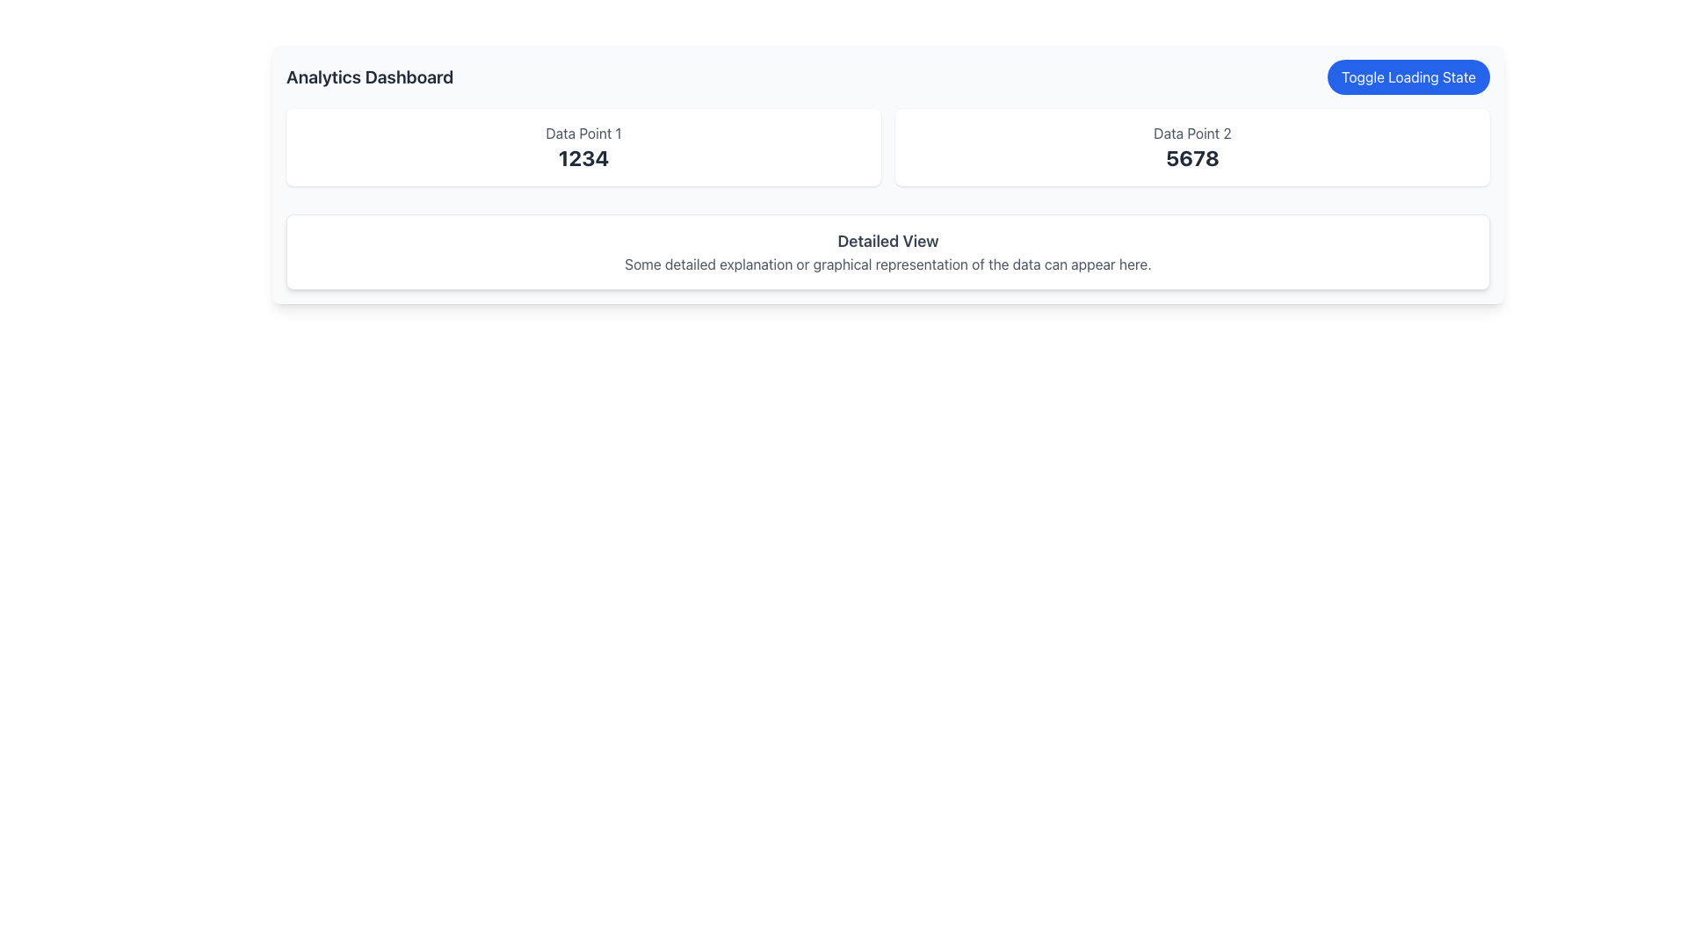 Image resolution: width=1687 pixels, height=949 pixels. I want to click on the loading state toggle button located in the top-right corner of the interface, next to the 'Analytics Dashboard' title to observe its hover effect, so click(1408, 76).